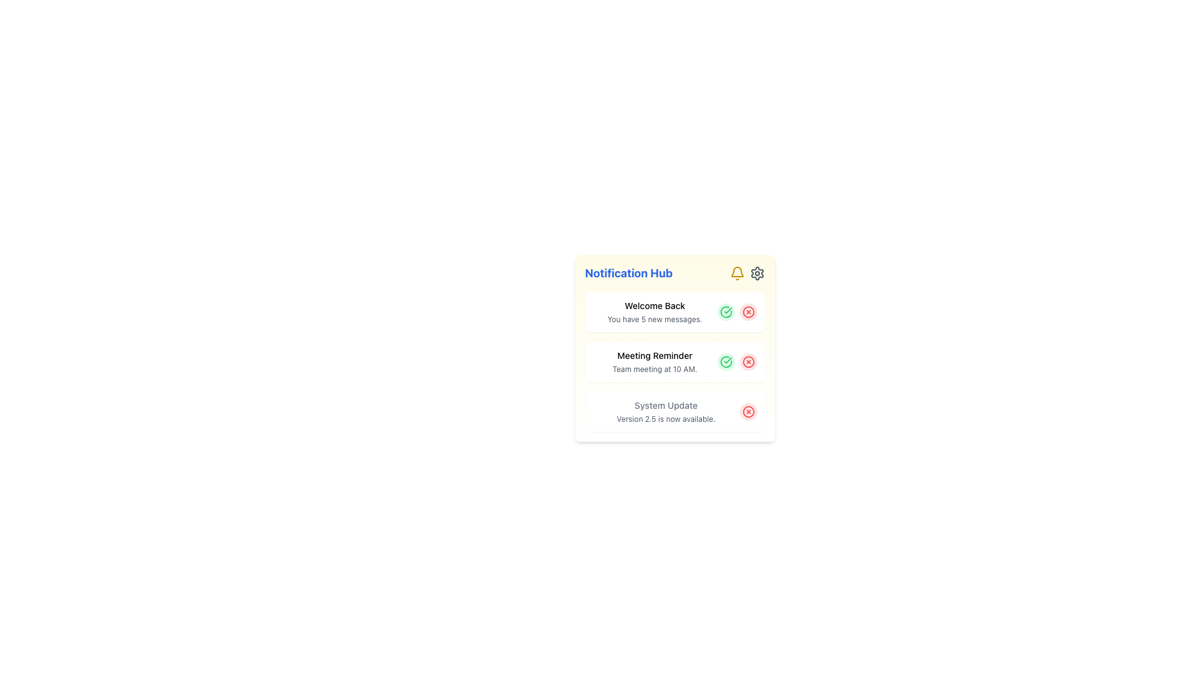  What do you see at coordinates (737, 362) in the screenshot?
I see `the button group containing a green checkmark and a red cross located in the bottom right corner of the 'Meeting Reminder' notification` at bounding box center [737, 362].